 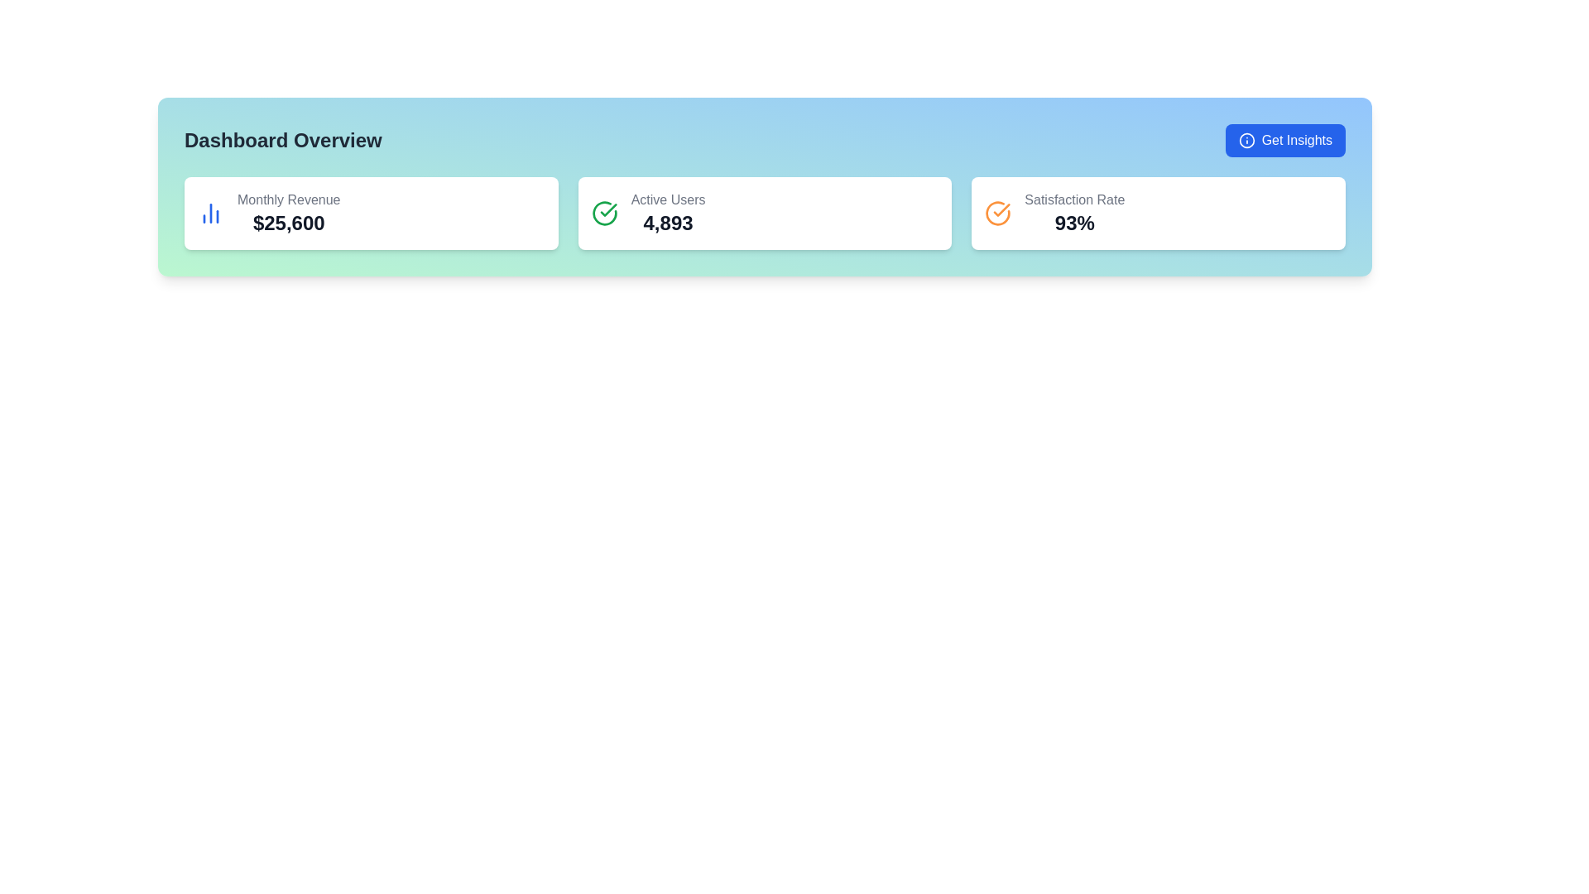 I want to click on the info icon located to the left of the 'Get Insights' button in the upper right part of the interface, so click(x=1246, y=139).